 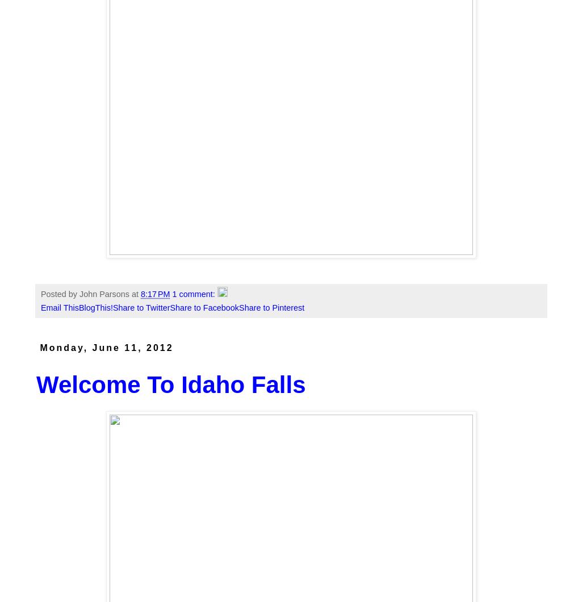 I want to click on 'at', so click(x=136, y=294).